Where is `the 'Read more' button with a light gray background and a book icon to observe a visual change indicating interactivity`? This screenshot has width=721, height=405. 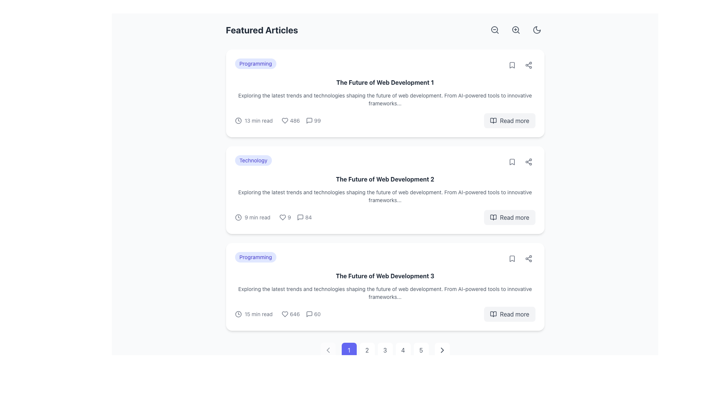 the 'Read more' button with a light gray background and a book icon to observe a visual change indicating interactivity is located at coordinates (510, 217).